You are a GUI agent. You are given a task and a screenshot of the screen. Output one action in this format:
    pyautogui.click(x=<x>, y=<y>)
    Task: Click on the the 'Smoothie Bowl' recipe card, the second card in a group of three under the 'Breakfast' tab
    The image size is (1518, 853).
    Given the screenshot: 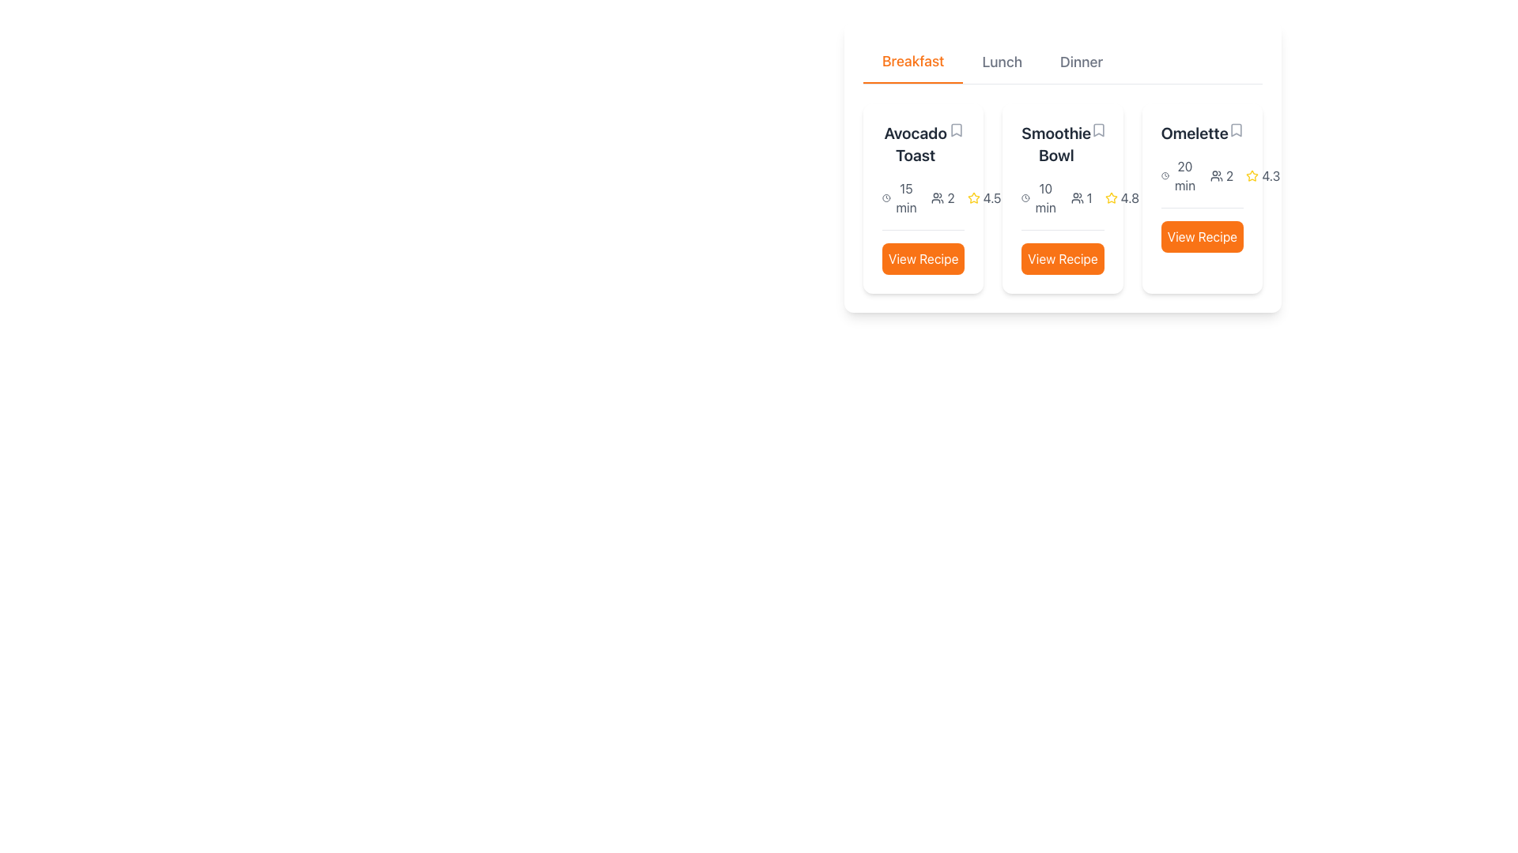 What is the action you would take?
    pyautogui.click(x=1063, y=167)
    